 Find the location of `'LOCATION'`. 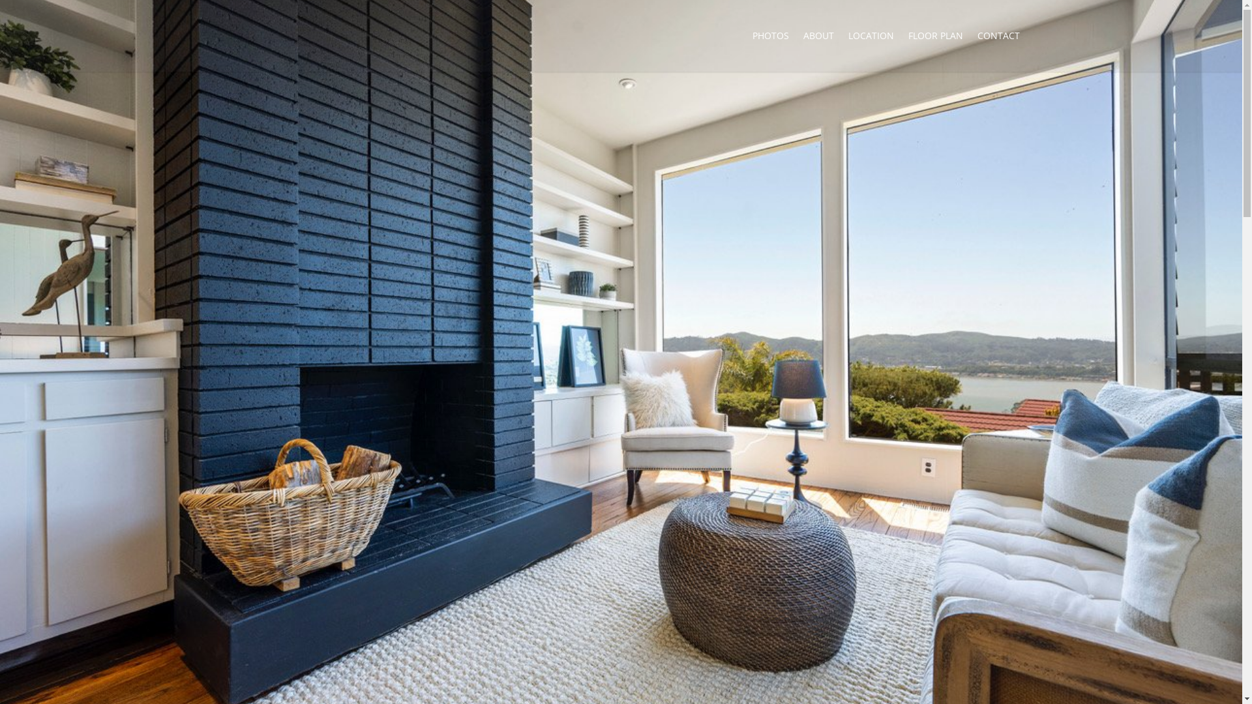

'LOCATION' is located at coordinates (871, 35).